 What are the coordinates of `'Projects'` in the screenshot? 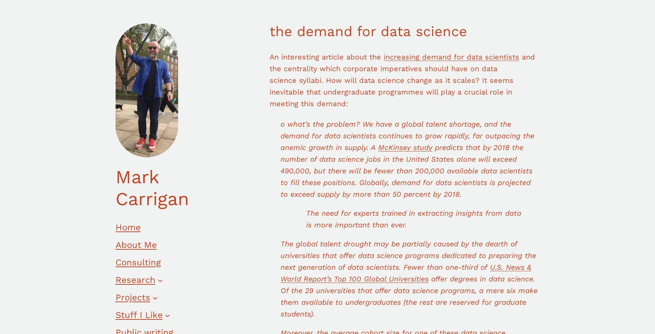 It's located at (115, 297).